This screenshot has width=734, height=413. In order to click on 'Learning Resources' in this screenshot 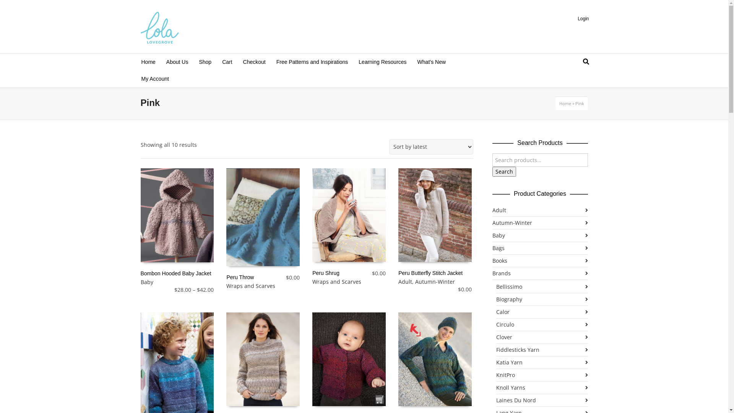, I will do `click(382, 62)`.